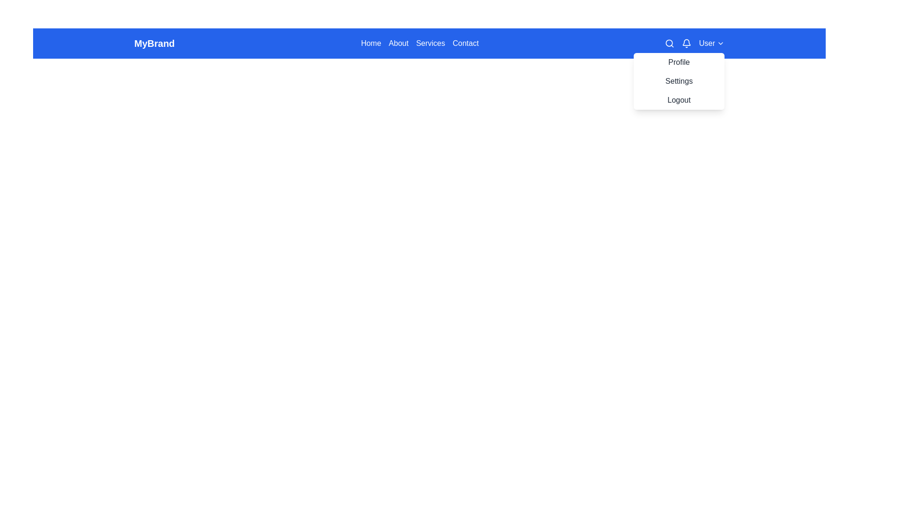  What do you see at coordinates (399, 44) in the screenshot?
I see `the 'About' text link located on the blue navigation bar` at bounding box center [399, 44].